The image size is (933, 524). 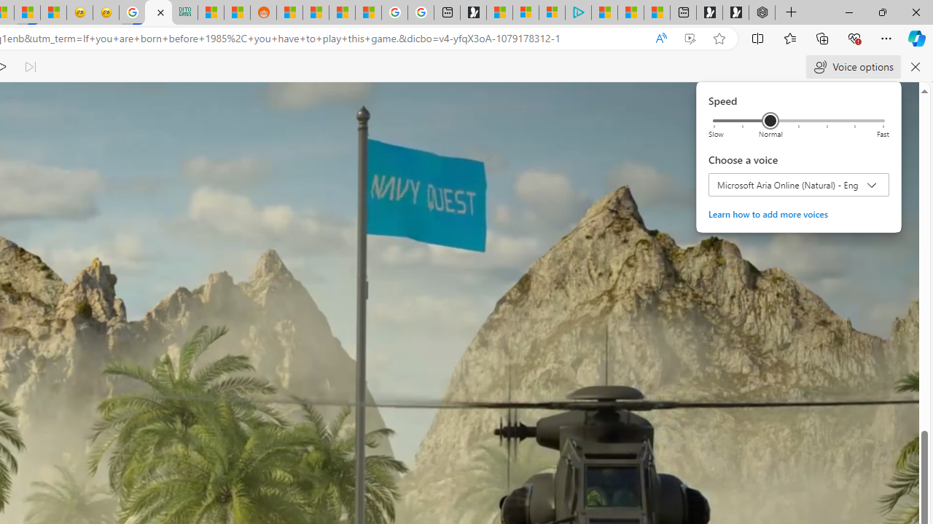 What do you see at coordinates (735, 12) in the screenshot?
I see `'Play Free Online Games | Games from Microsoft Start'` at bounding box center [735, 12].